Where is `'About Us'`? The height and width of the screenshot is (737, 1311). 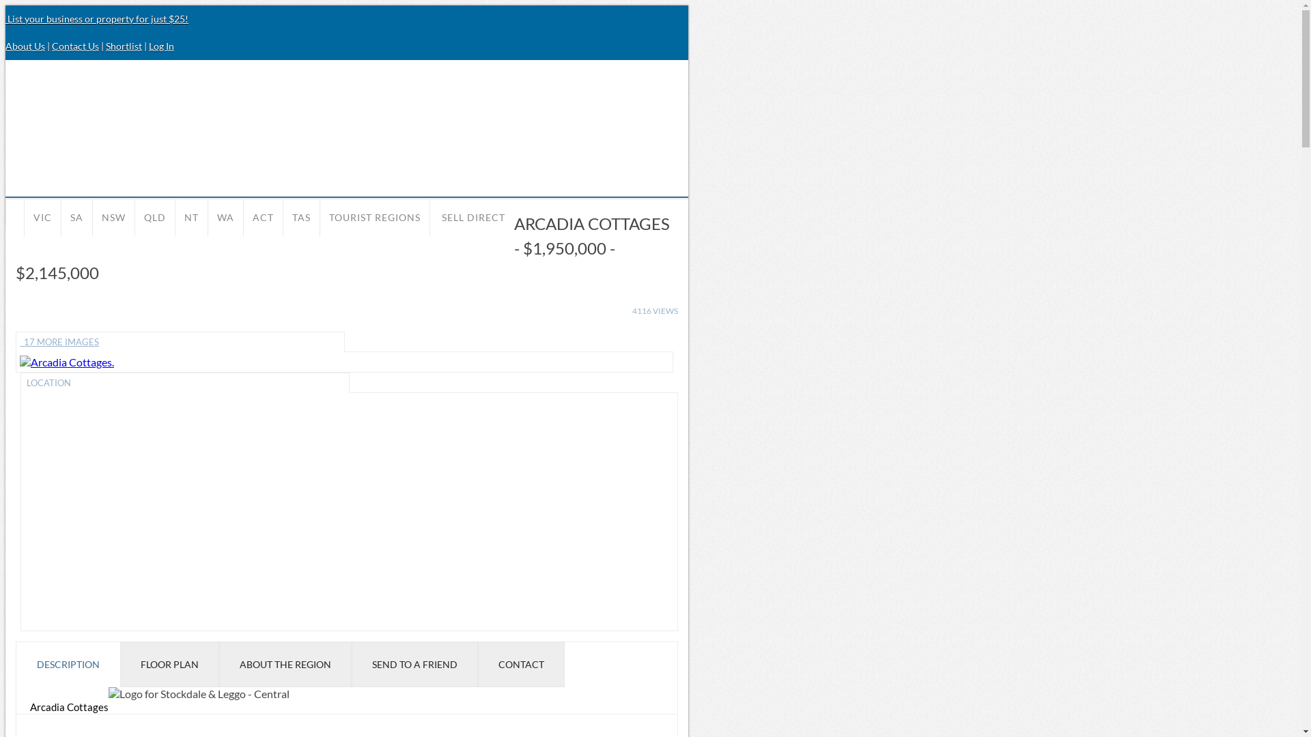
'About Us' is located at coordinates (5, 45).